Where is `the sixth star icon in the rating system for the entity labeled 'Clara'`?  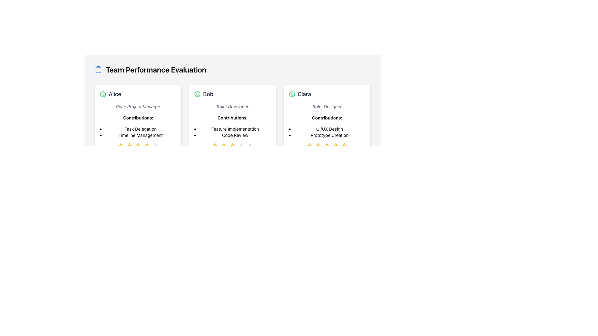
the sixth star icon in the rating system for the entity labeled 'Clara' is located at coordinates (344, 147).